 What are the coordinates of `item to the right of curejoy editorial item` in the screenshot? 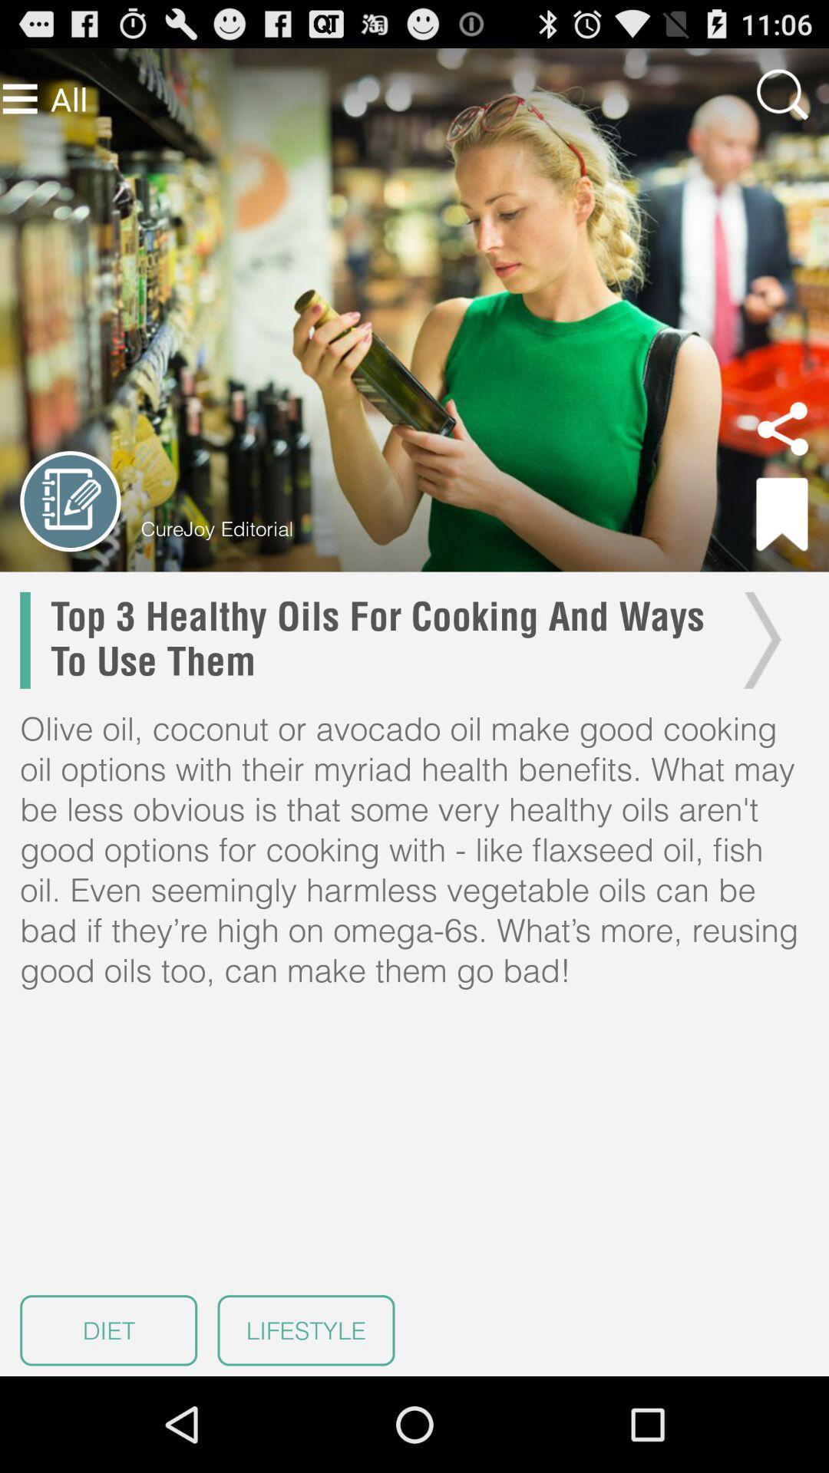 It's located at (782, 514).